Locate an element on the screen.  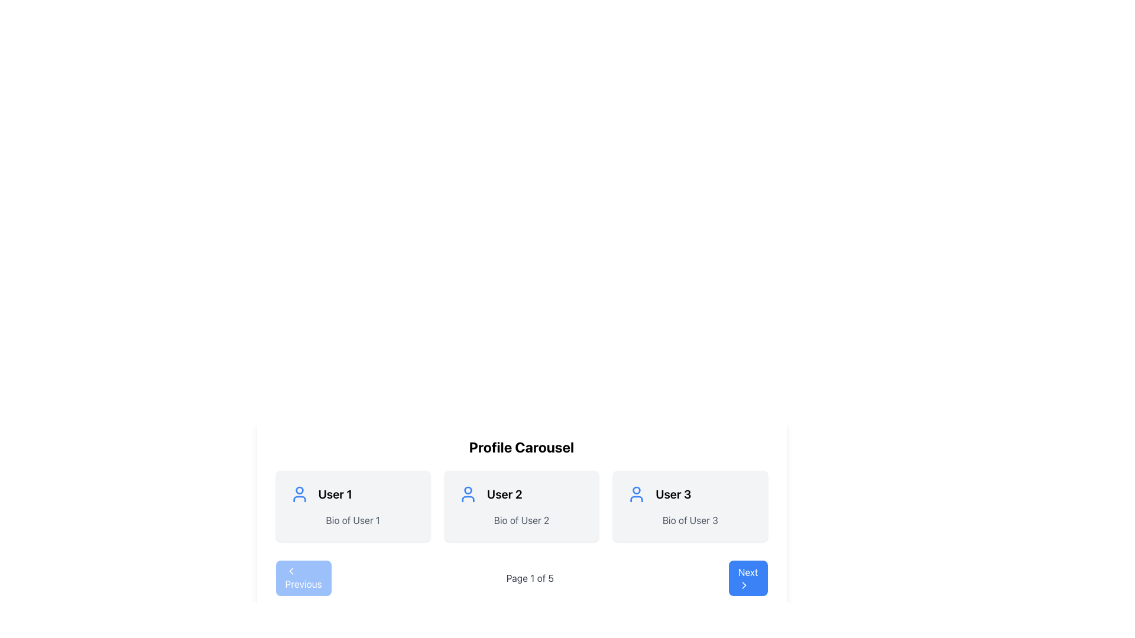
the chevron icon located inside the 'Next' button in the bottom-right corner is located at coordinates (743, 585).